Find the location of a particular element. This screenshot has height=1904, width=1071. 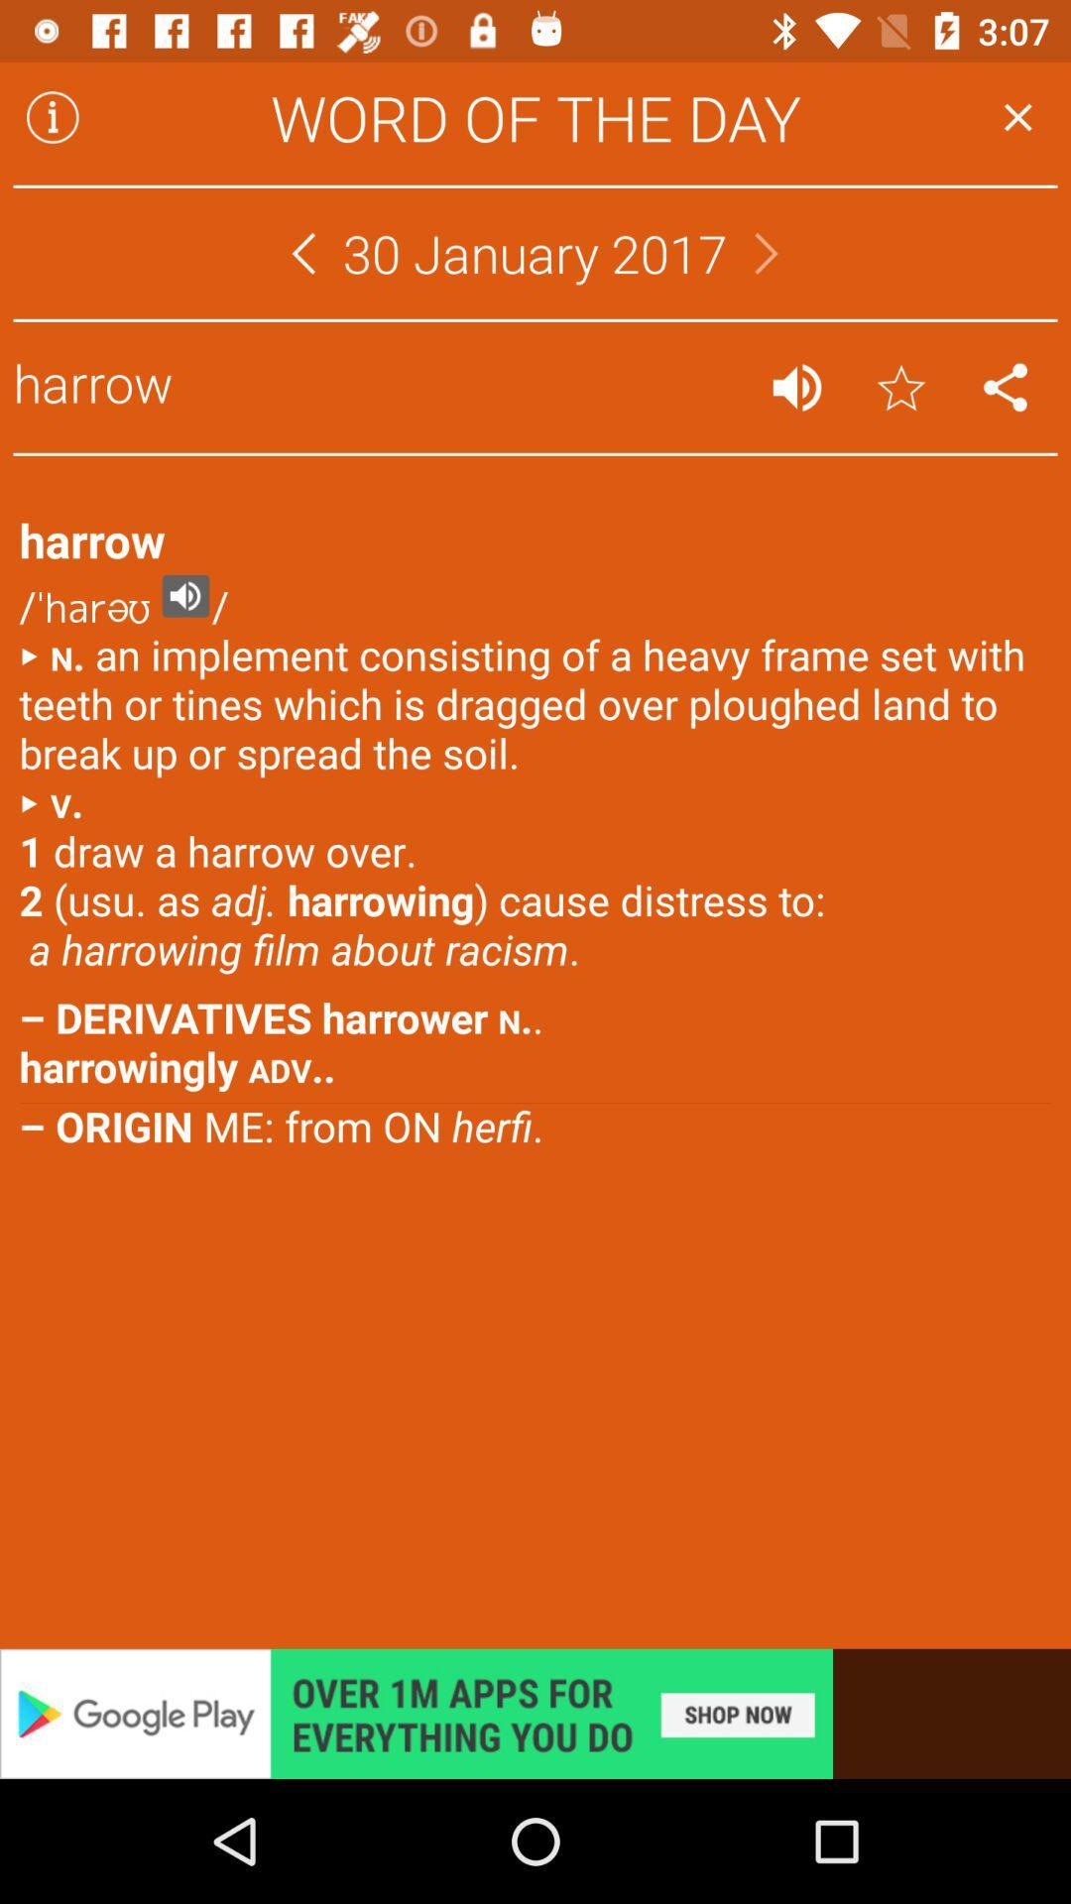

google play is located at coordinates (535, 1713).